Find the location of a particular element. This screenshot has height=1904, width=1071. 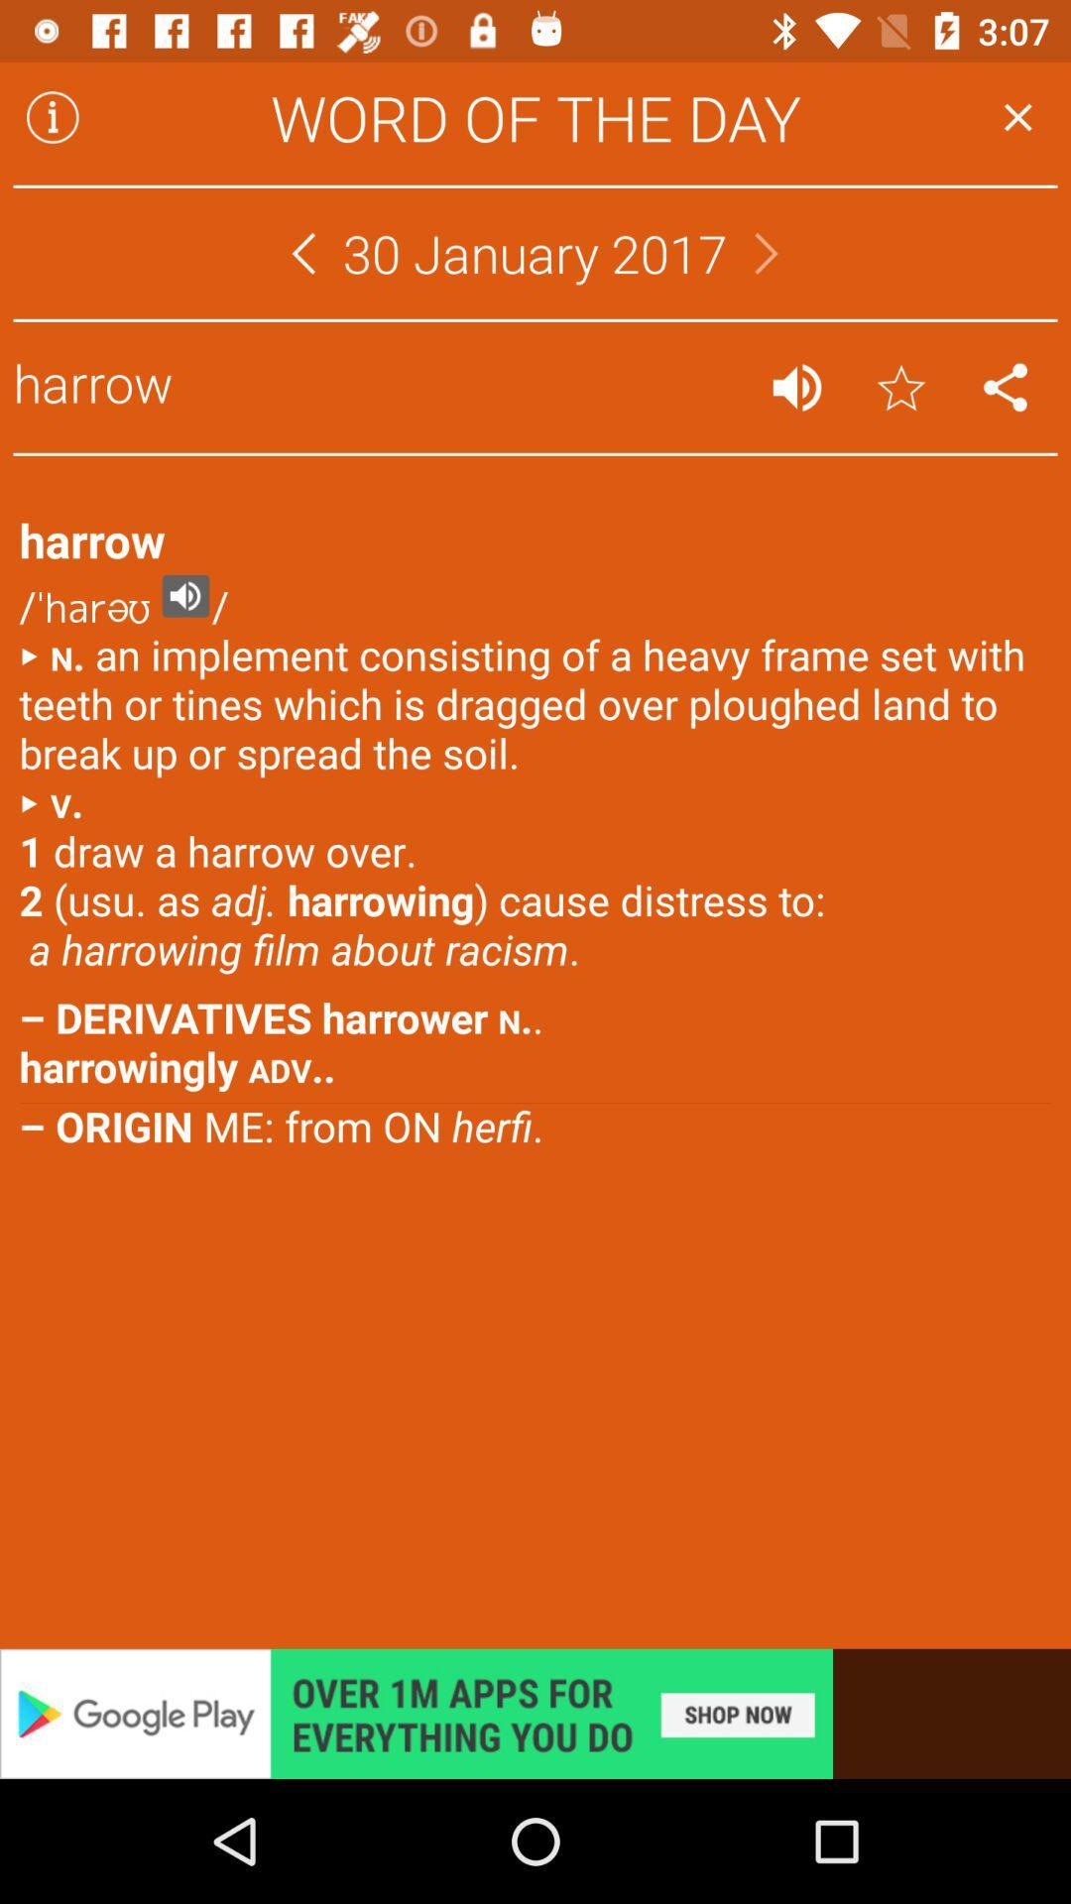

google play is located at coordinates (535, 1713).